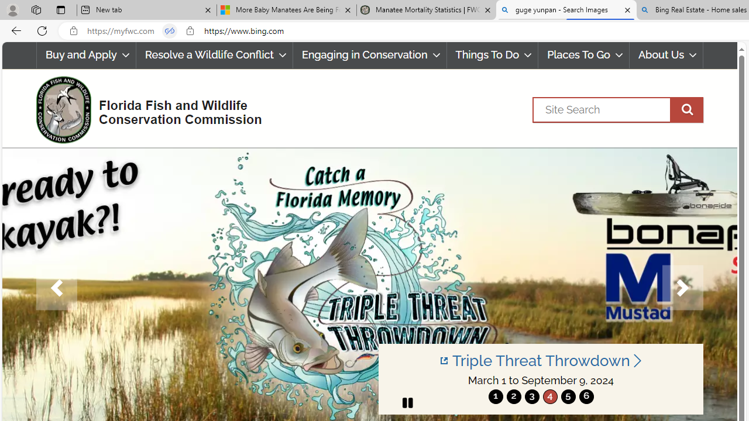 The image size is (749, 421). I want to click on 'About Us', so click(666, 55).